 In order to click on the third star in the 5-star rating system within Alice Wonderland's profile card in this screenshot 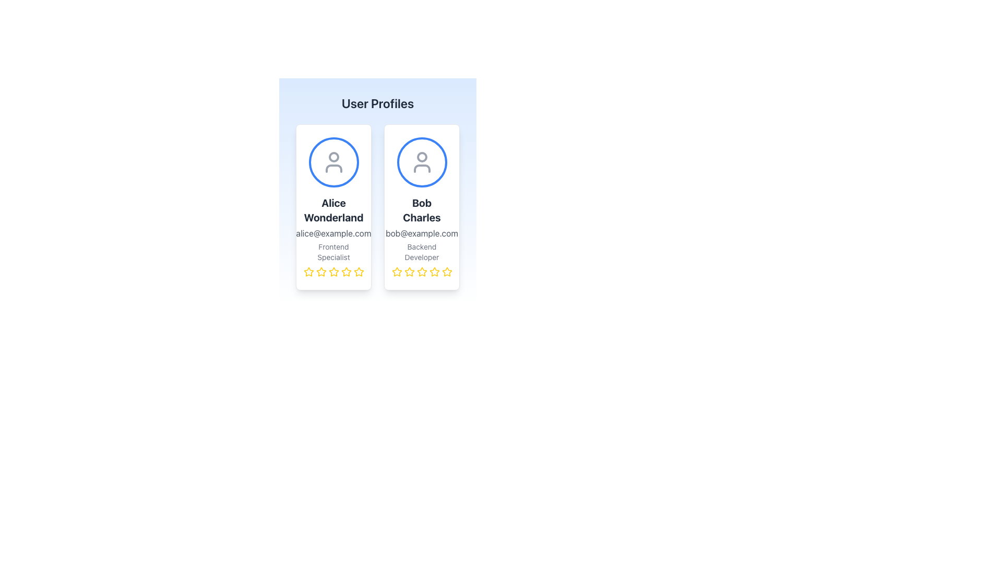, I will do `click(333, 271)`.